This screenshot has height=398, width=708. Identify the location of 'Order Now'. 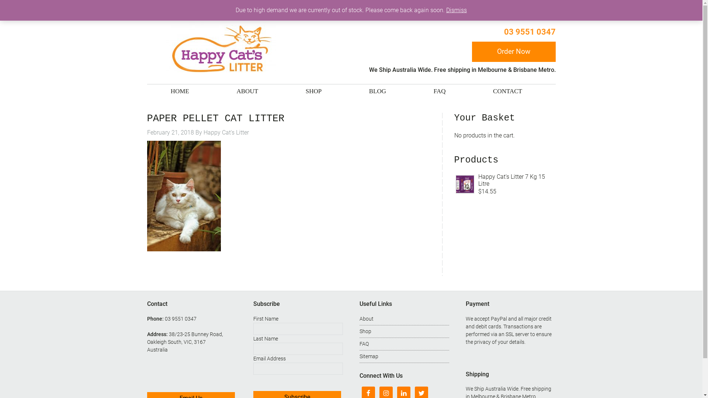
(513, 51).